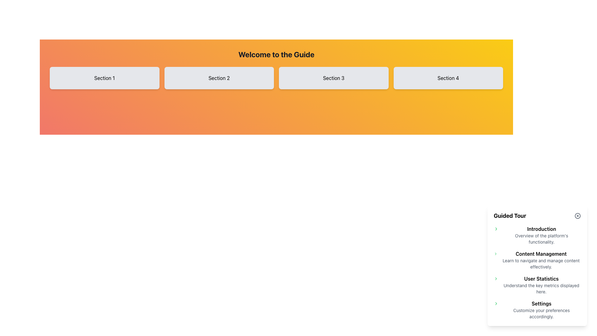  Describe the element at coordinates (496, 278) in the screenshot. I see `the icon located to the left of the 'User Statistics' text in the 'Guided Tour' section` at that location.